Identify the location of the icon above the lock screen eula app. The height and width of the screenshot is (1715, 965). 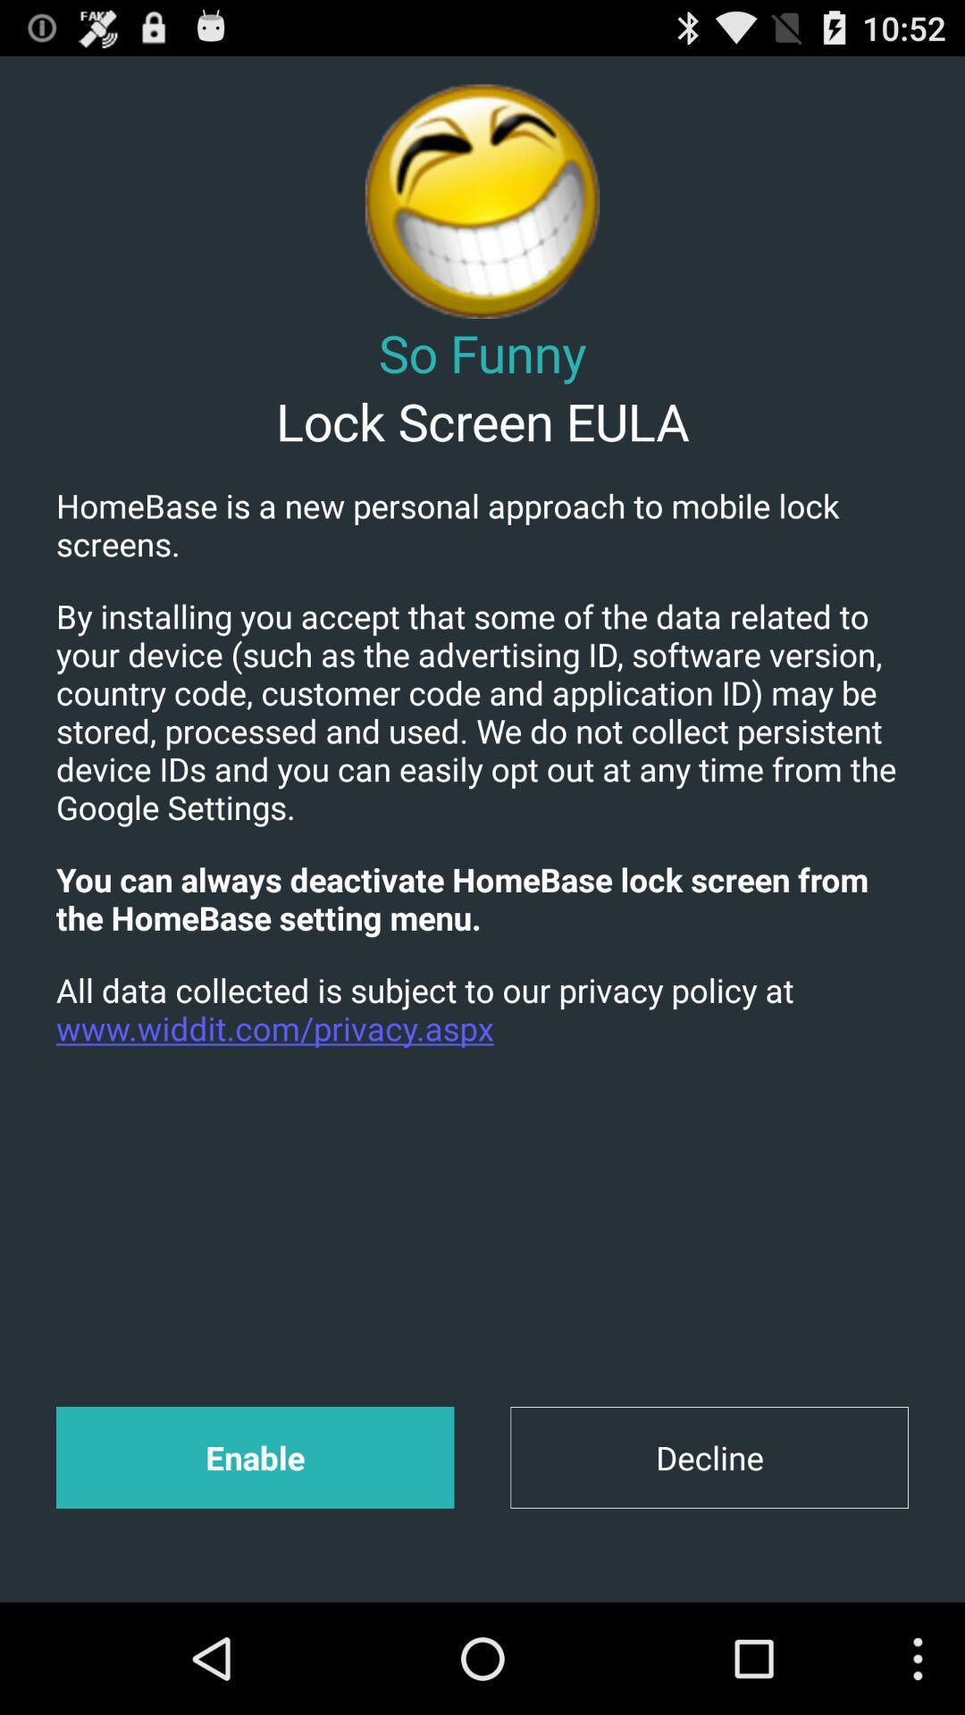
(482, 353).